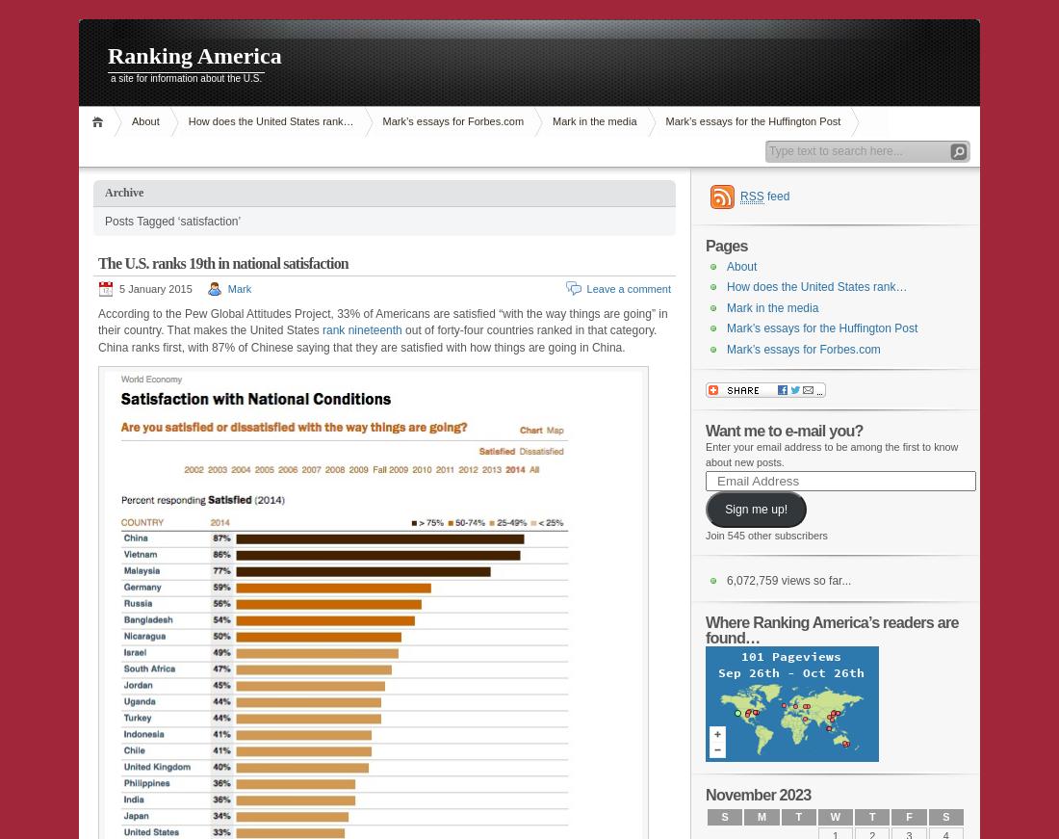 This screenshot has height=839, width=1059. I want to click on 'Posts Tagged ‘satisfaction’', so click(105, 222).